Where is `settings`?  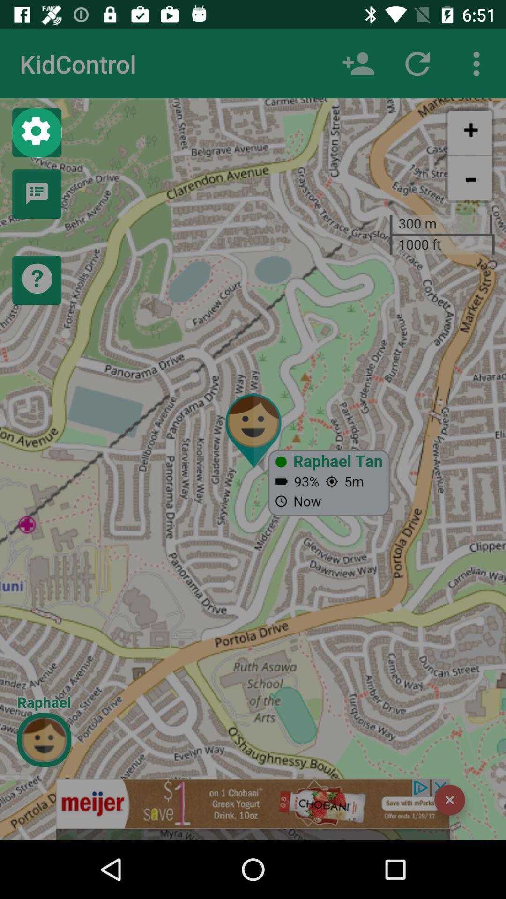 settings is located at coordinates (36, 132).